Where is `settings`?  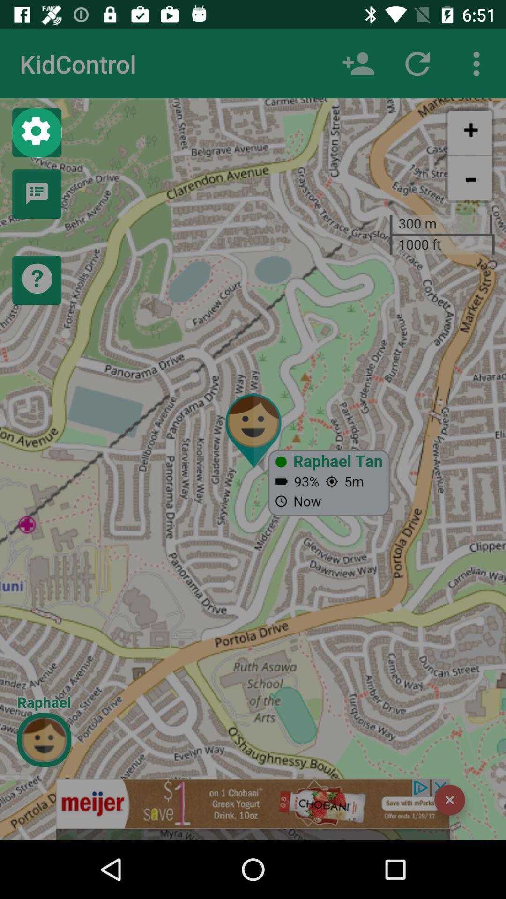 settings is located at coordinates (36, 132).